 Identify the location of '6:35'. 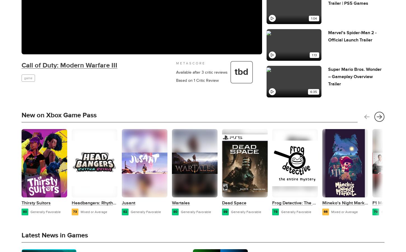
(313, 91).